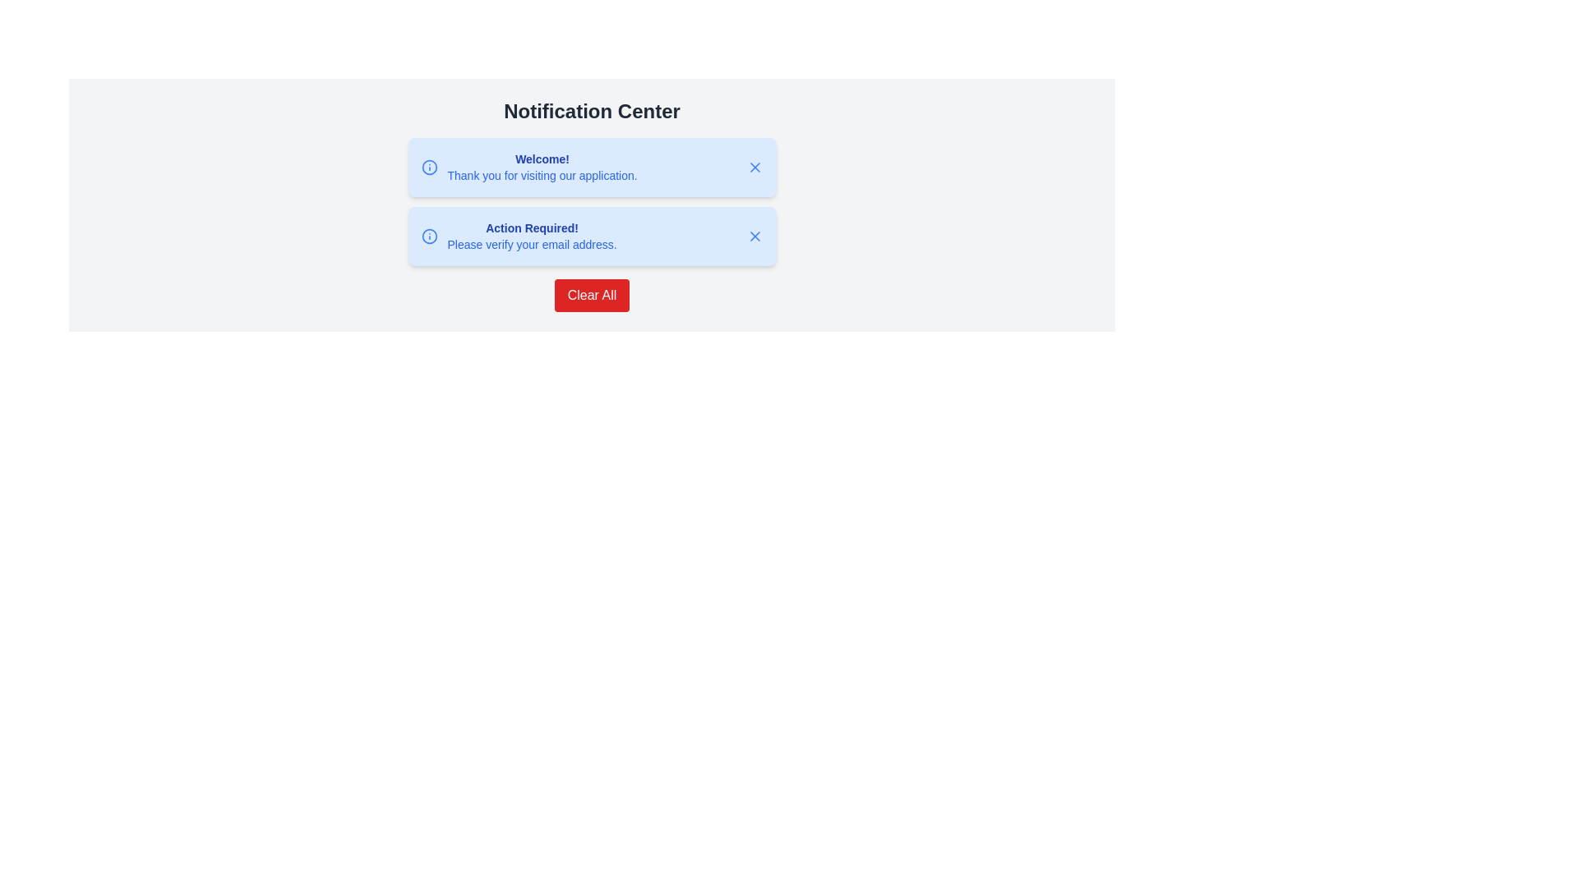  Describe the element at coordinates (542, 159) in the screenshot. I see `welcoming message presented in the textual header of the first notification group in the Notification Center, which is located above the description text` at that location.